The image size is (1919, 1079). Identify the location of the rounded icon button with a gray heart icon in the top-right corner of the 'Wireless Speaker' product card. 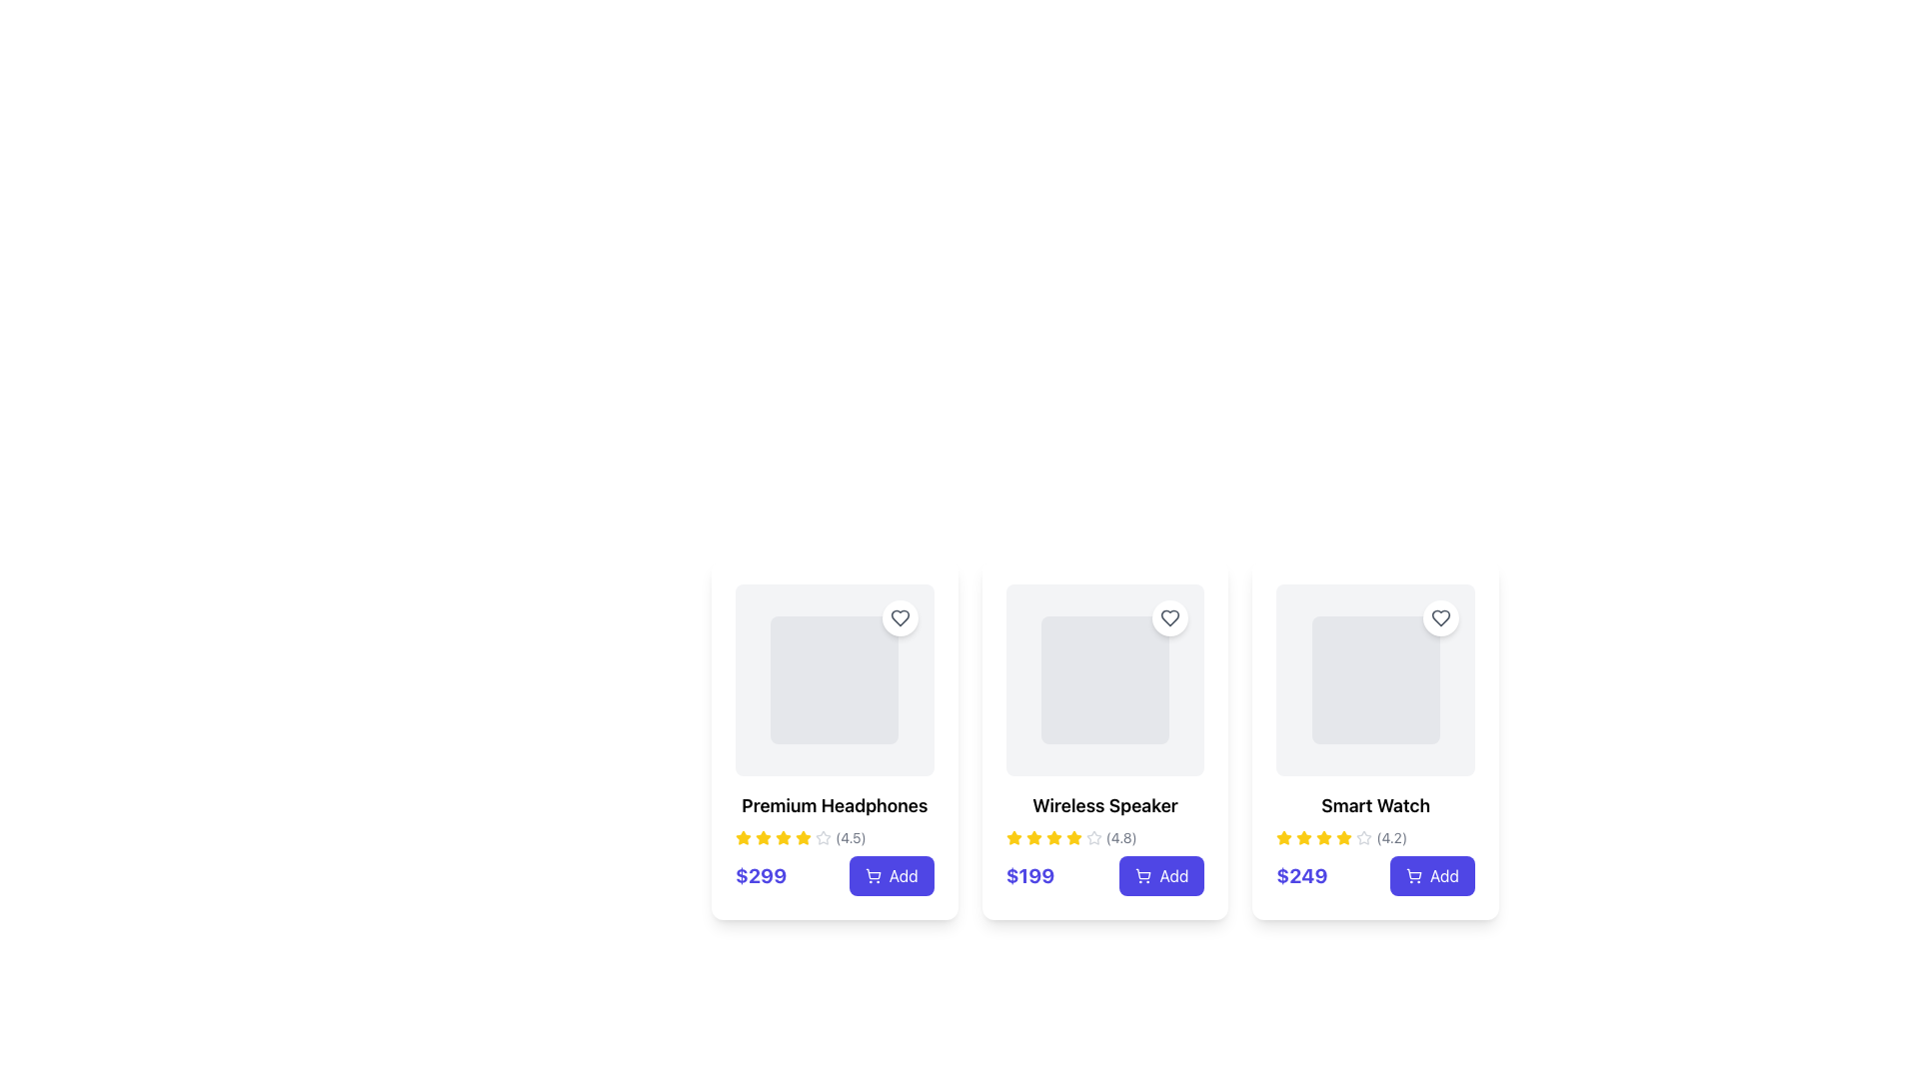
(1170, 616).